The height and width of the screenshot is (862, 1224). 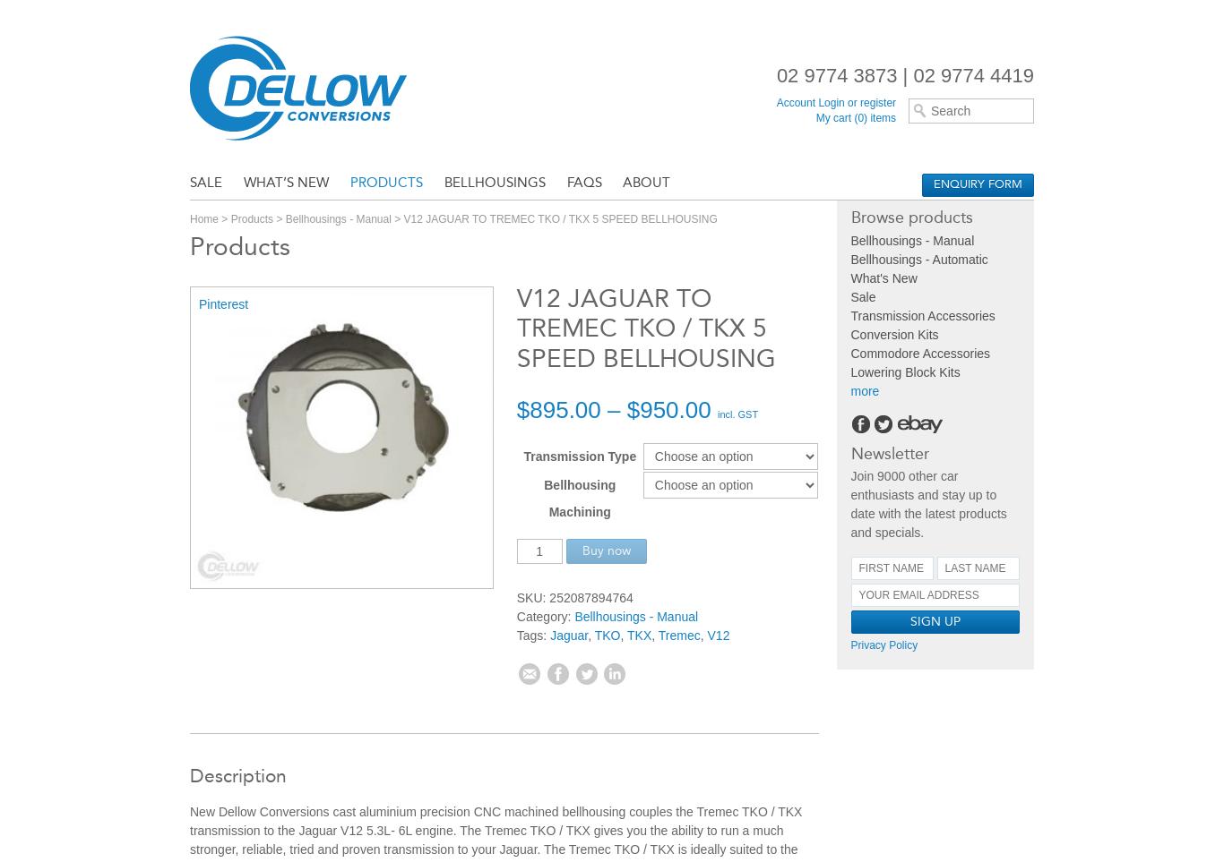 I want to click on 'Tremec', so click(x=678, y=635).